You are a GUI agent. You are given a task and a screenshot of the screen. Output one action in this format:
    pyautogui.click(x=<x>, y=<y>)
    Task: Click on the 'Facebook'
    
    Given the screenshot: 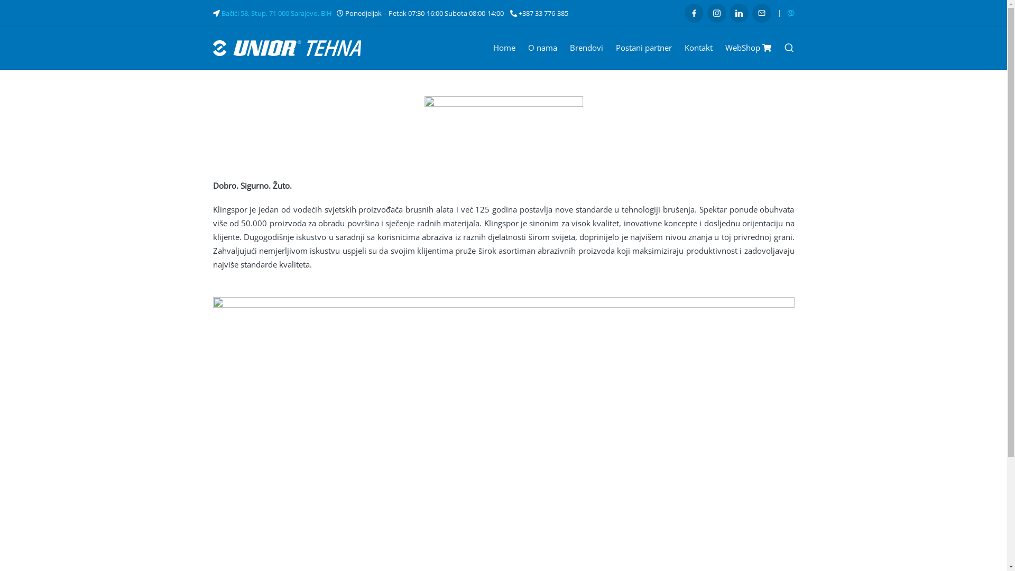 What is the action you would take?
    pyautogui.click(x=694, y=13)
    